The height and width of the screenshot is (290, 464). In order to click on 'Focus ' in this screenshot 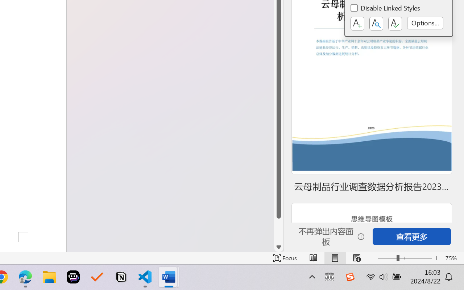, I will do `click(285, 258)`.